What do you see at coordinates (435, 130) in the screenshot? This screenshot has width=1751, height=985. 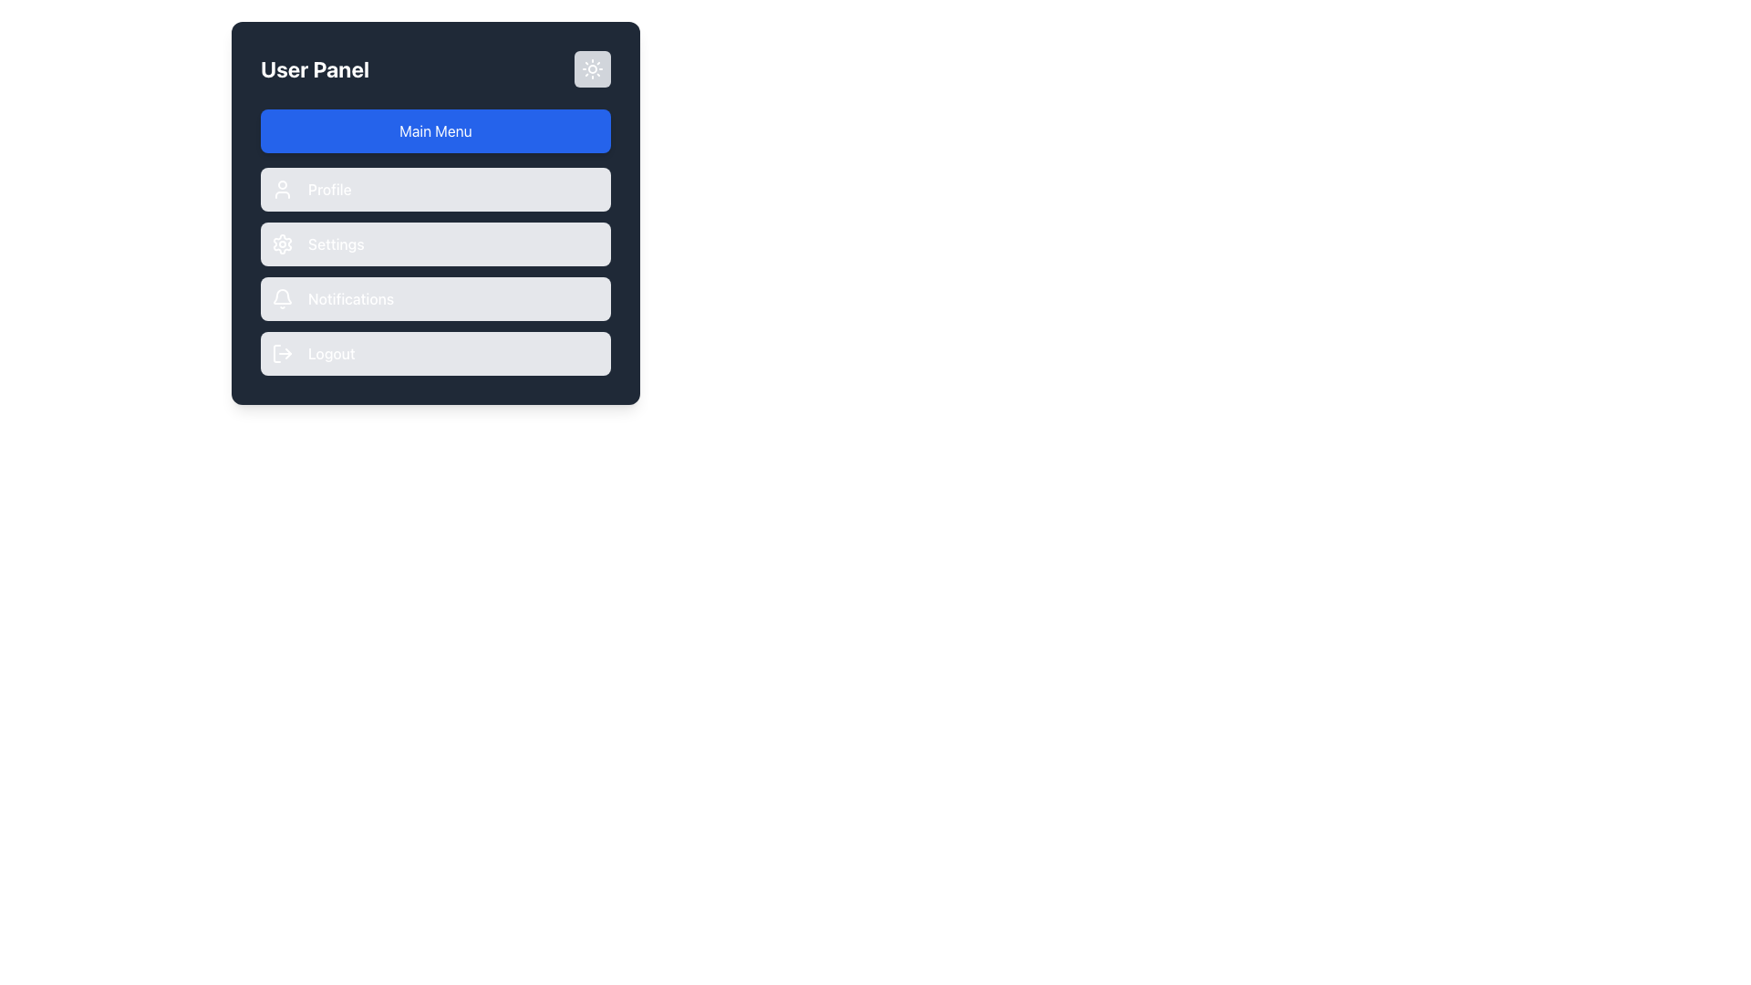 I see `the 'Main Menu' button, which is a rectangular button with a blue background and white text, centrally located below the 'User Panel' title` at bounding box center [435, 130].